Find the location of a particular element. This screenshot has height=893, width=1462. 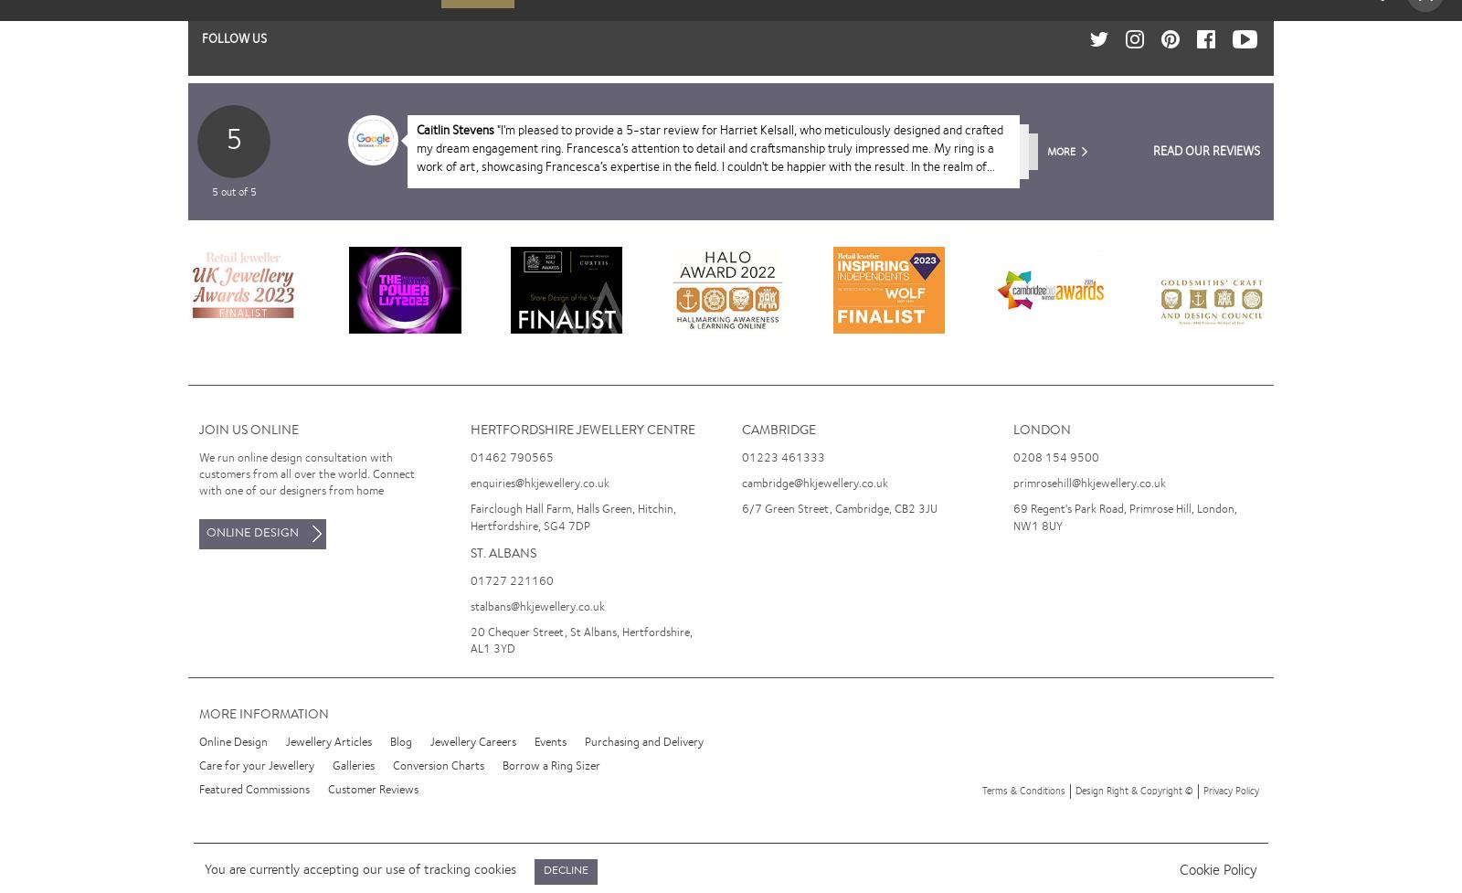

'Privacy Policy' is located at coordinates (1230, 790).